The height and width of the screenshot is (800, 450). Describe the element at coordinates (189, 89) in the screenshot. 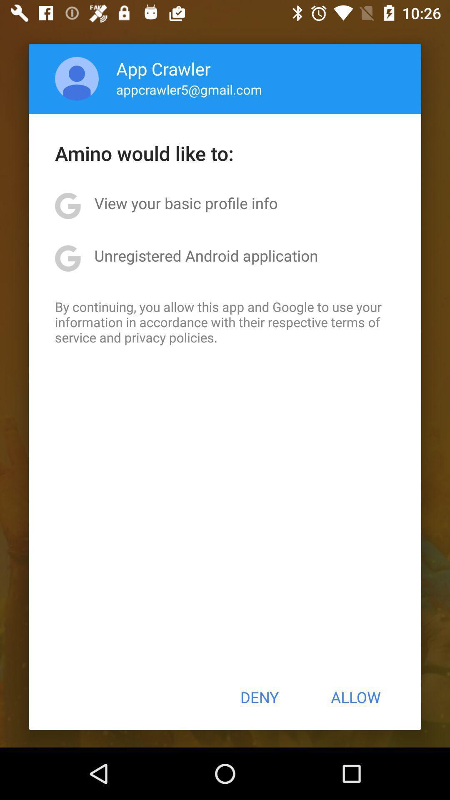

I see `appcrawler5@gmail.com app` at that location.